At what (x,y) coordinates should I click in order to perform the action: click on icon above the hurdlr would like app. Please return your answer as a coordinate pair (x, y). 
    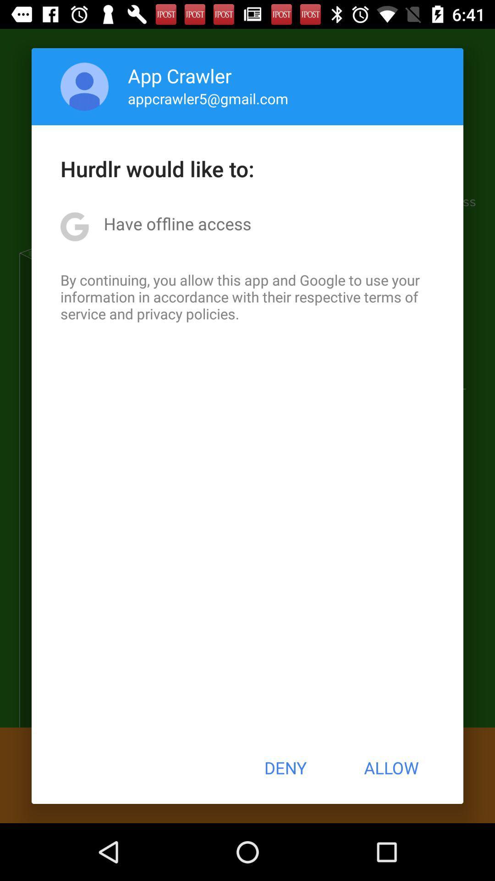
    Looking at the image, I should click on (84, 86).